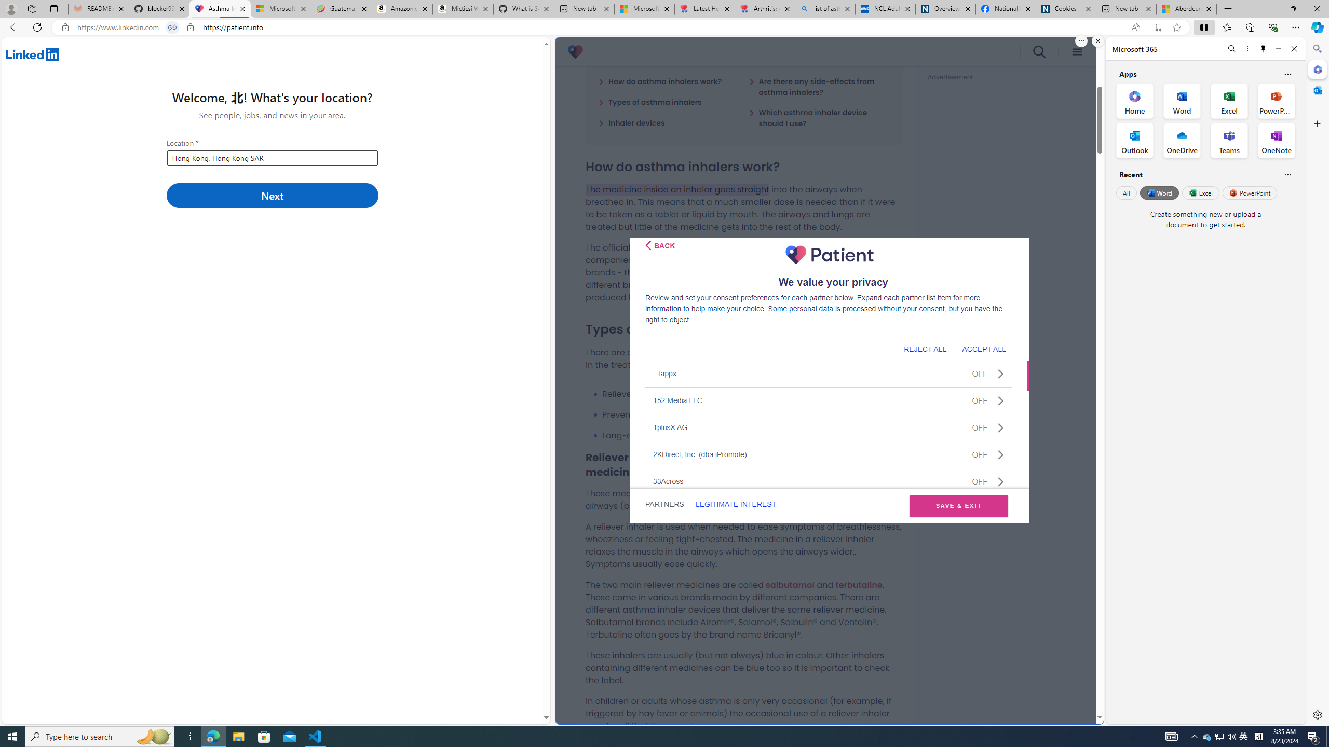 The width and height of the screenshot is (1329, 747). Describe the element at coordinates (925, 348) in the screenshot. I see `'REJECT ALL'` at that location.